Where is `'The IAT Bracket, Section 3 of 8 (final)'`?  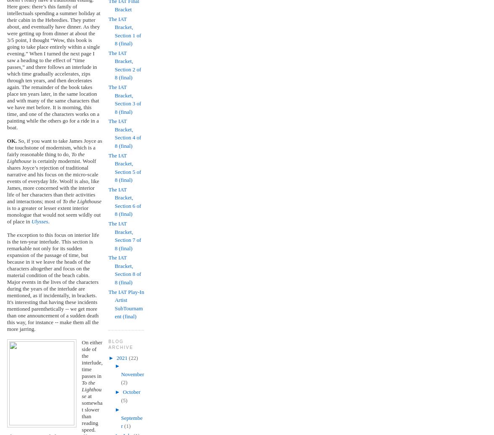 'The IAT Bracket, Section 3 of 8 (final)' is located at coordinates (124, 99).